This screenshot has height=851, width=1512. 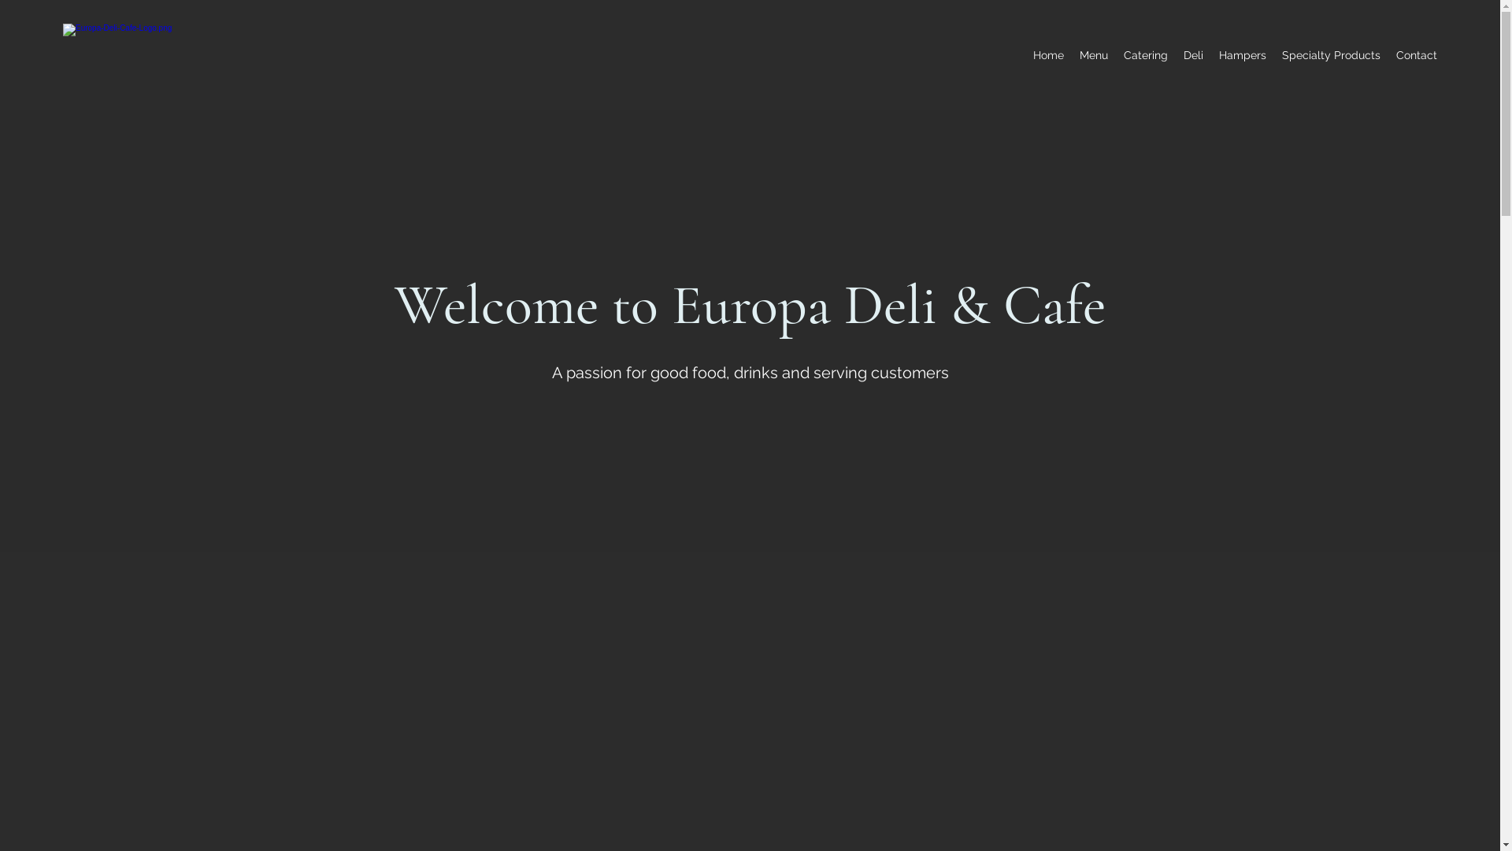 I want to click on 'Catering', so click(x=1145, y=54).